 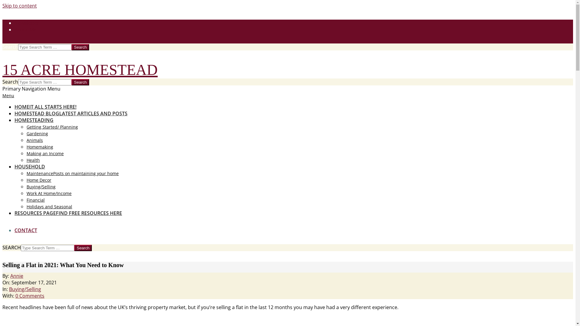 What do you see at coordinates (26, 126) in the screenshot?
I see `'Getting Started/ Planning'` at bounding box center [26, 126].